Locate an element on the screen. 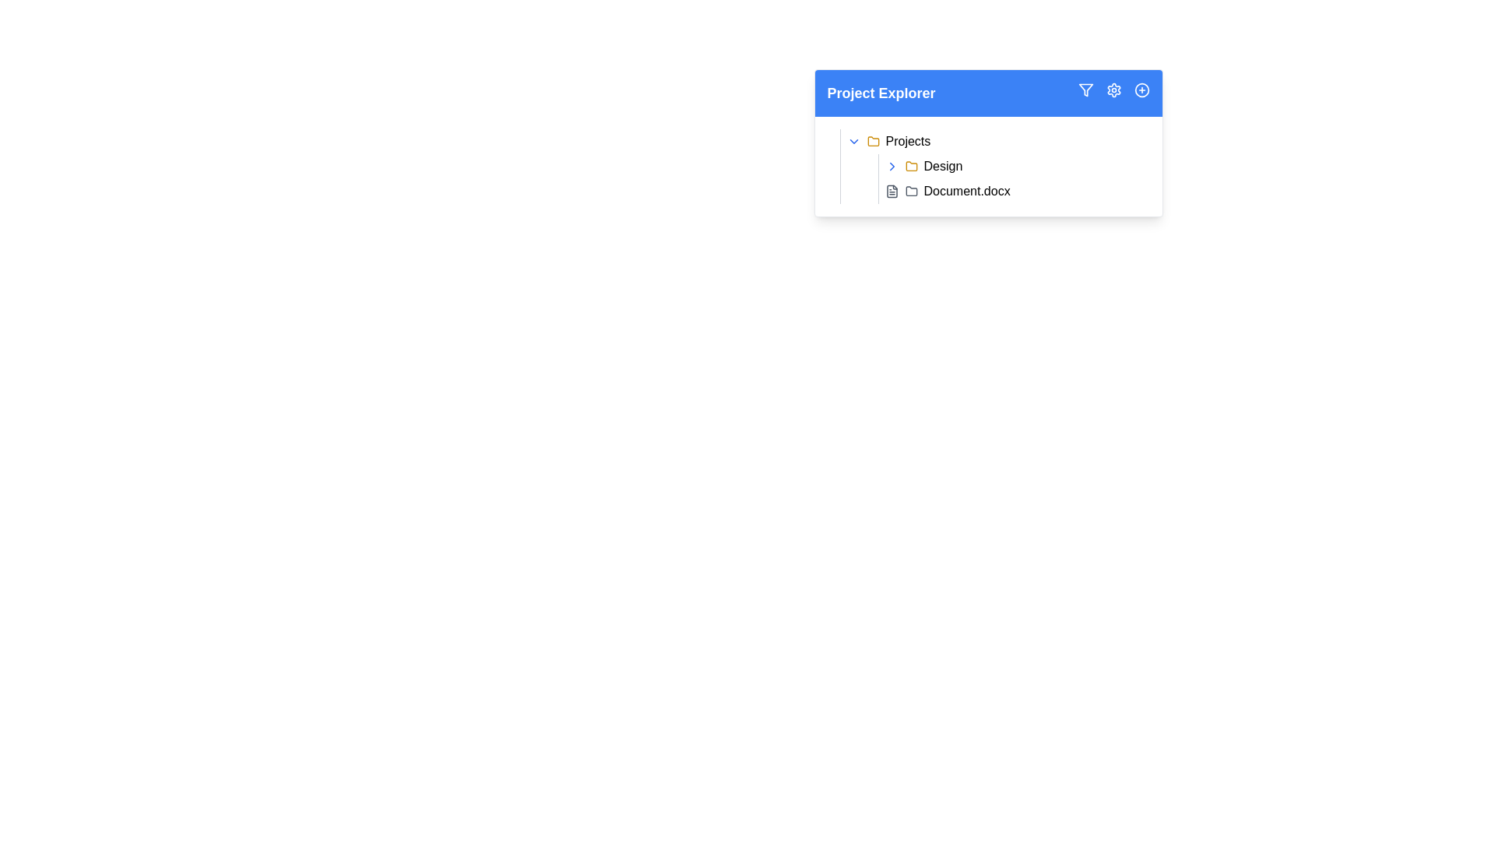 Image resolution: width=1495 pixels, height=841 pixels. the file icon represented by a gray document shape with a folded corner, located to the left of the 'Document.docx' label in the Project Explorer section is located at coordinates (892, 191).